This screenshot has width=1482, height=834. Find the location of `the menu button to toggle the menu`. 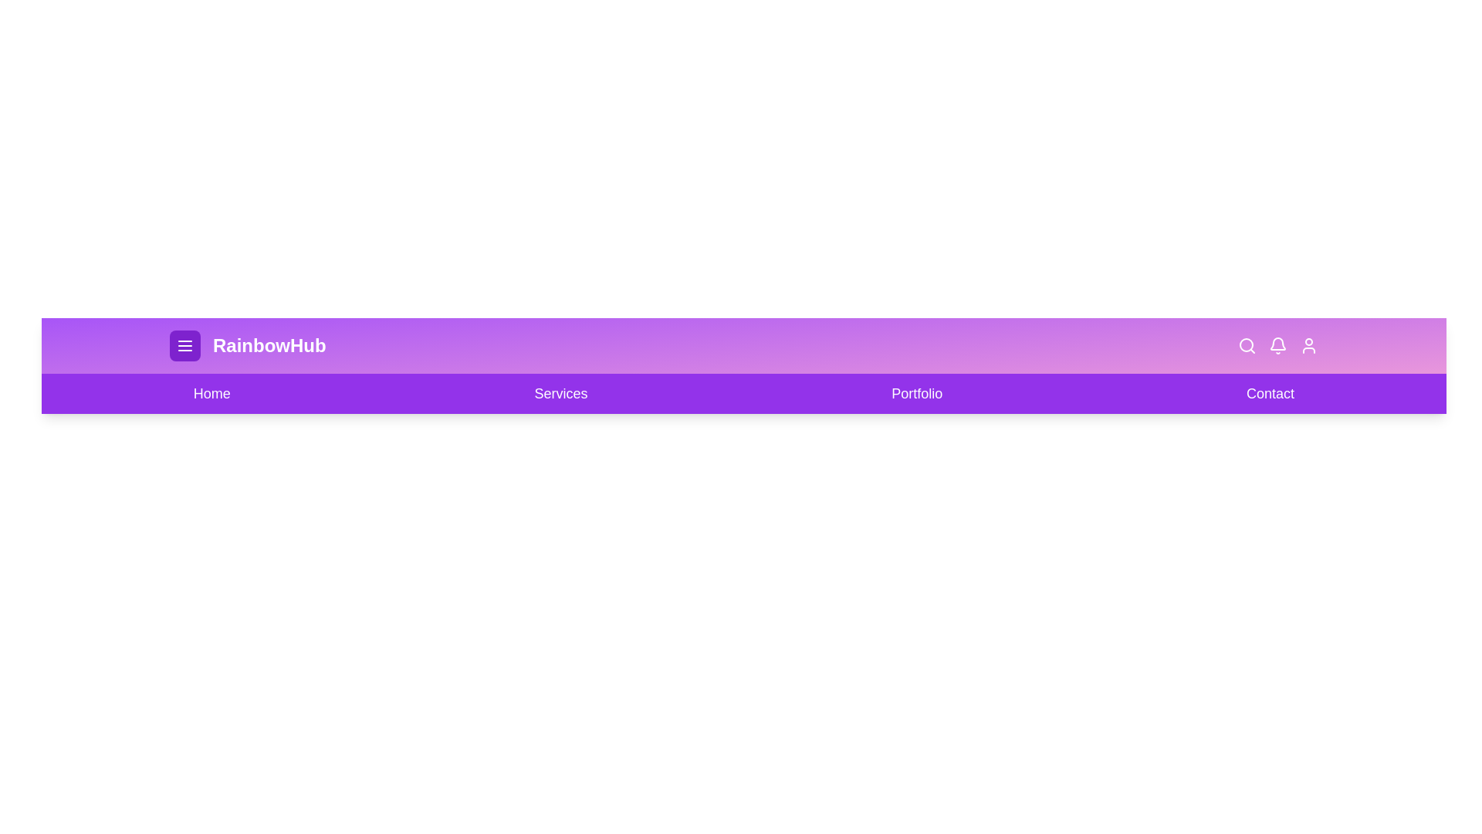

the menu button to toggle the menu is located at coordinates (185, 344).